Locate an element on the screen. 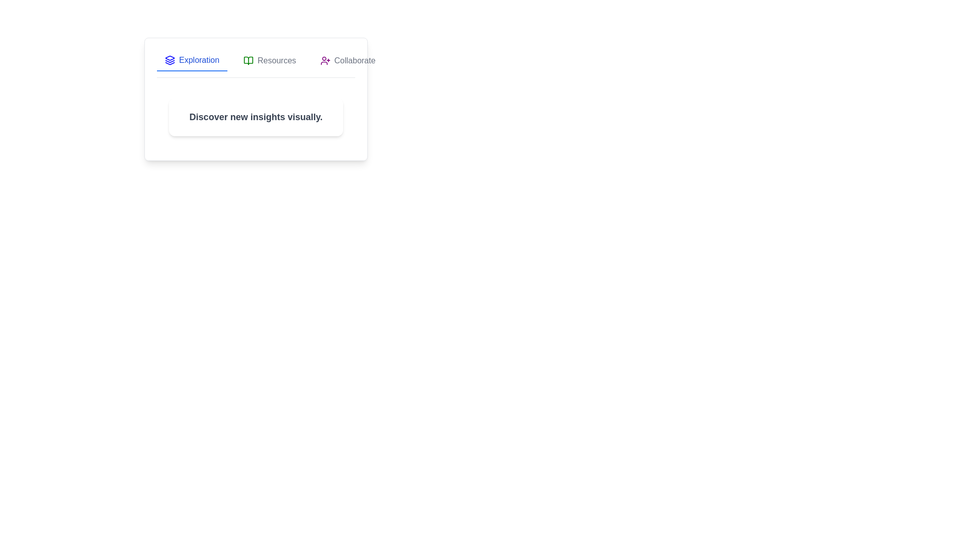 The image size is (966, 543). the Resources tab is located at coordinates (270, 60).